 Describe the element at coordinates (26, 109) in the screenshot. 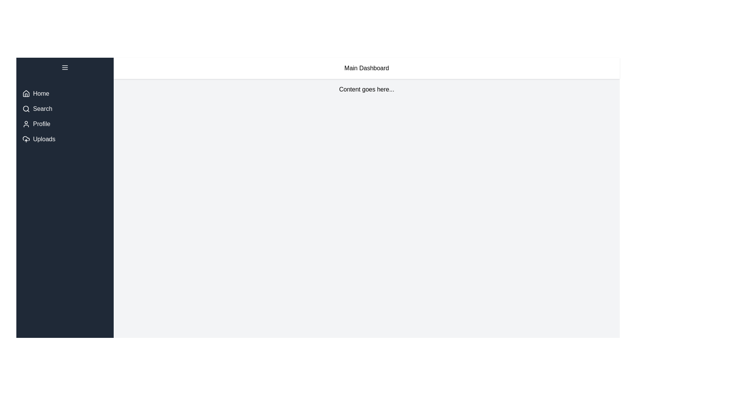

I see `the styling of the magnifying glass icon located in the vertical navigation menu labeled 'Search'` at that location.